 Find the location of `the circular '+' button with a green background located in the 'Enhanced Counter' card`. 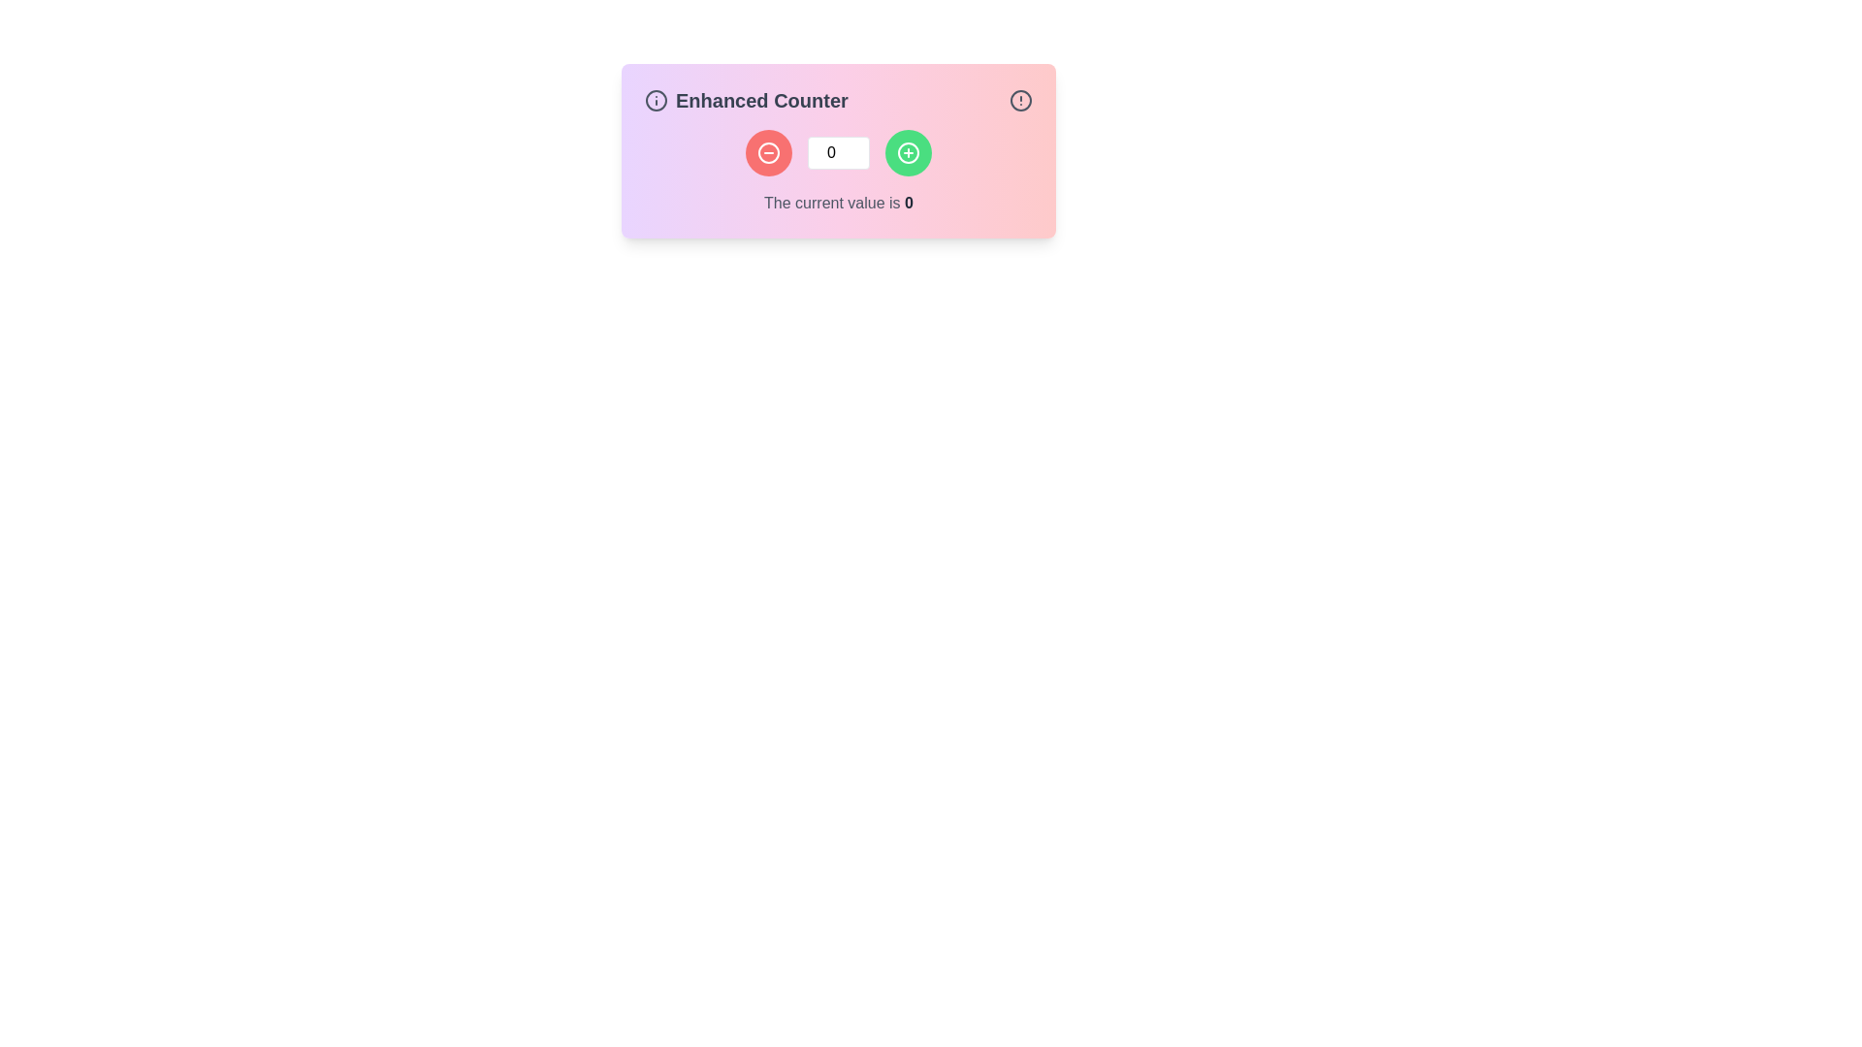

the circular '+' button with a green background located in the 'Enhanced Counter' card is located at coordinates (907, 152).